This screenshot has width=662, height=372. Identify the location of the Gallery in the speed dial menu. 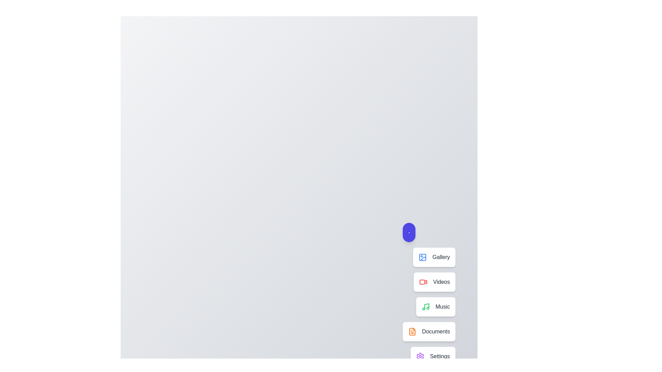
(434, 257).